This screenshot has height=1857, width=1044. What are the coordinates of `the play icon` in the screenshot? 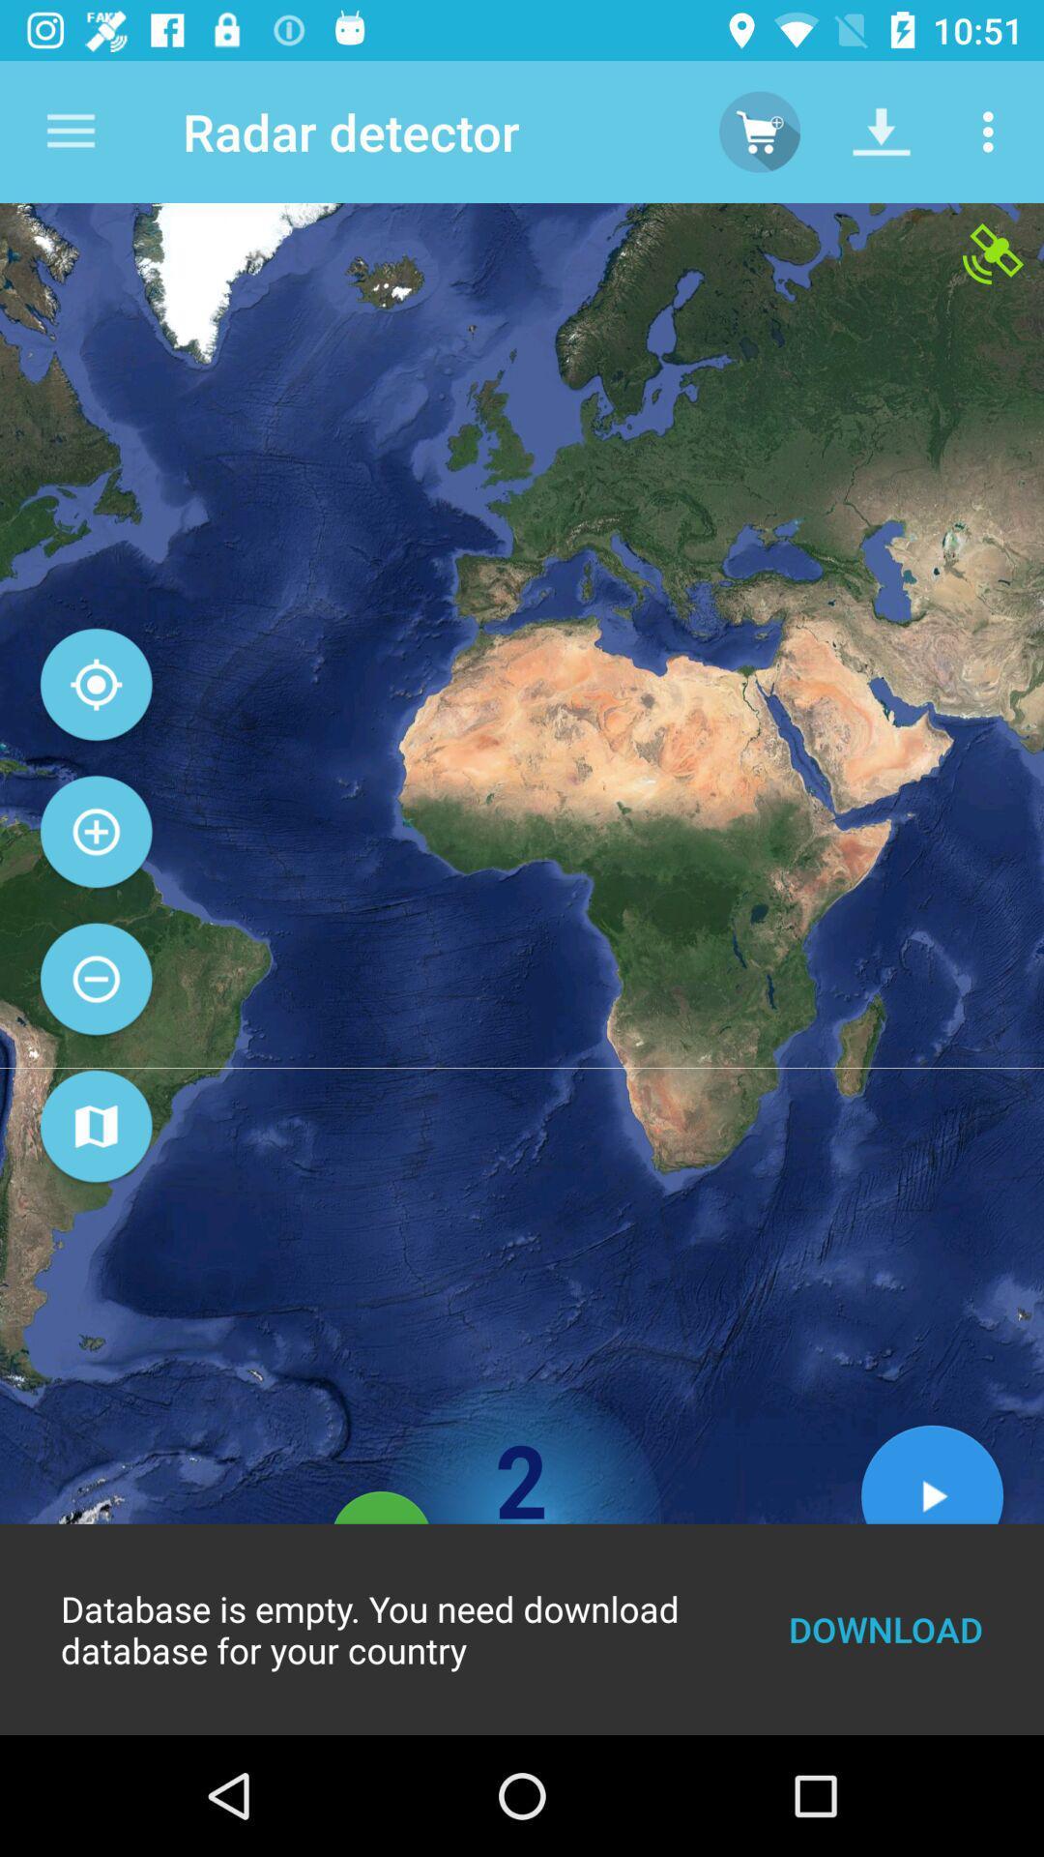 It's located at (931, 1495).